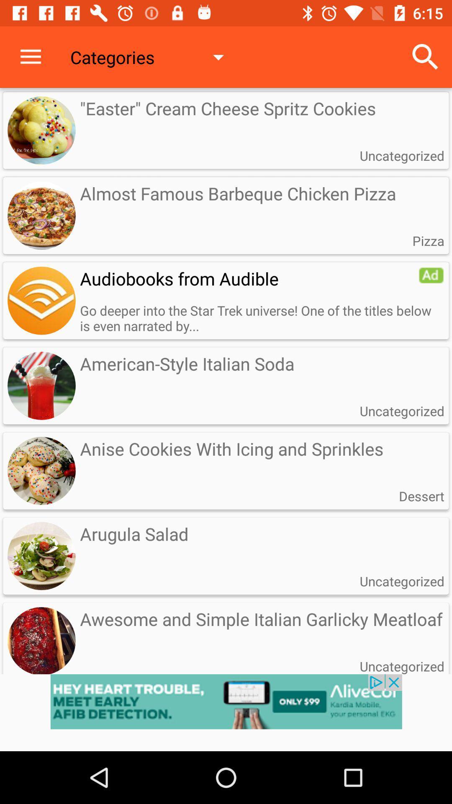 The height and width of the screenshot is (804, 452). Describe the element at coordinates (41, 301) in the screenshot. I see `app of the audiobooks` at that location.